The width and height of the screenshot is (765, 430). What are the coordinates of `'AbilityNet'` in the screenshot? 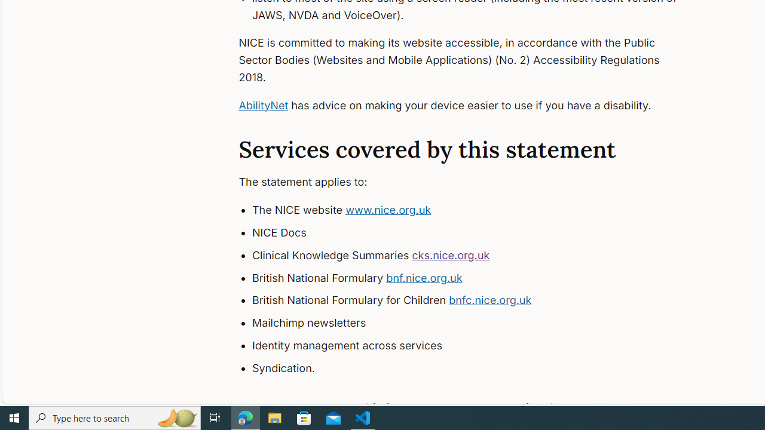 It's located at (262, 105).